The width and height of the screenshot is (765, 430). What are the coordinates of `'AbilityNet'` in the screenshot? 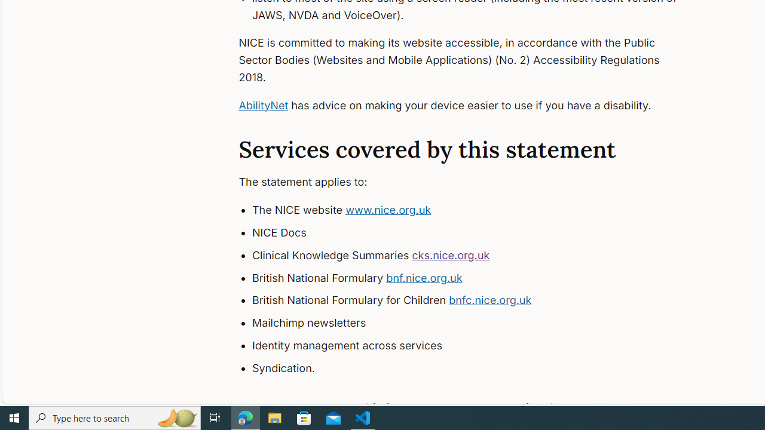 It's located at (262, 105).